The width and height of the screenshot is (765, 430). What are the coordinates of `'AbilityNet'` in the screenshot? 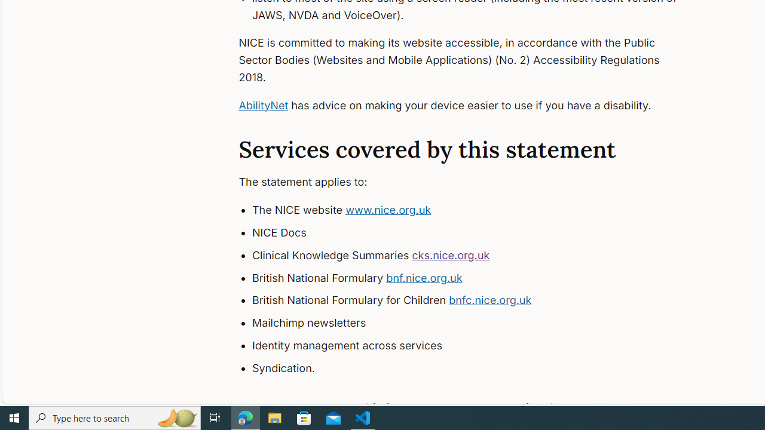 It's located at (262, 105).